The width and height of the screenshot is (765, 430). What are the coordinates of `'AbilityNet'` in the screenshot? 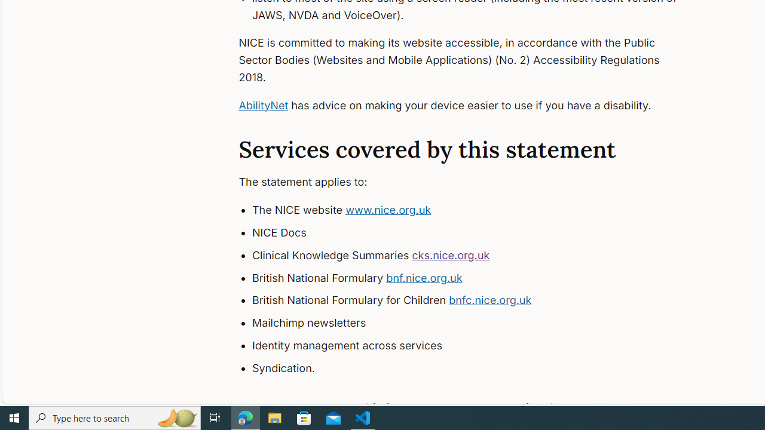 It's located at (262, 105).